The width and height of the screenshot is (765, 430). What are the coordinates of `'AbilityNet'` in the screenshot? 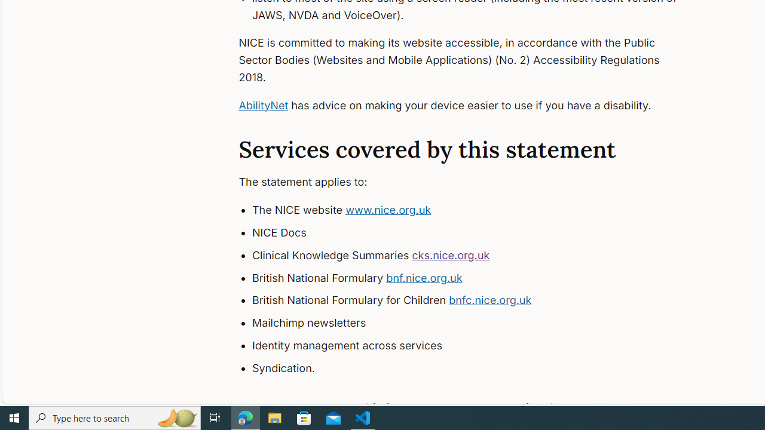 It's located at (262, 105).